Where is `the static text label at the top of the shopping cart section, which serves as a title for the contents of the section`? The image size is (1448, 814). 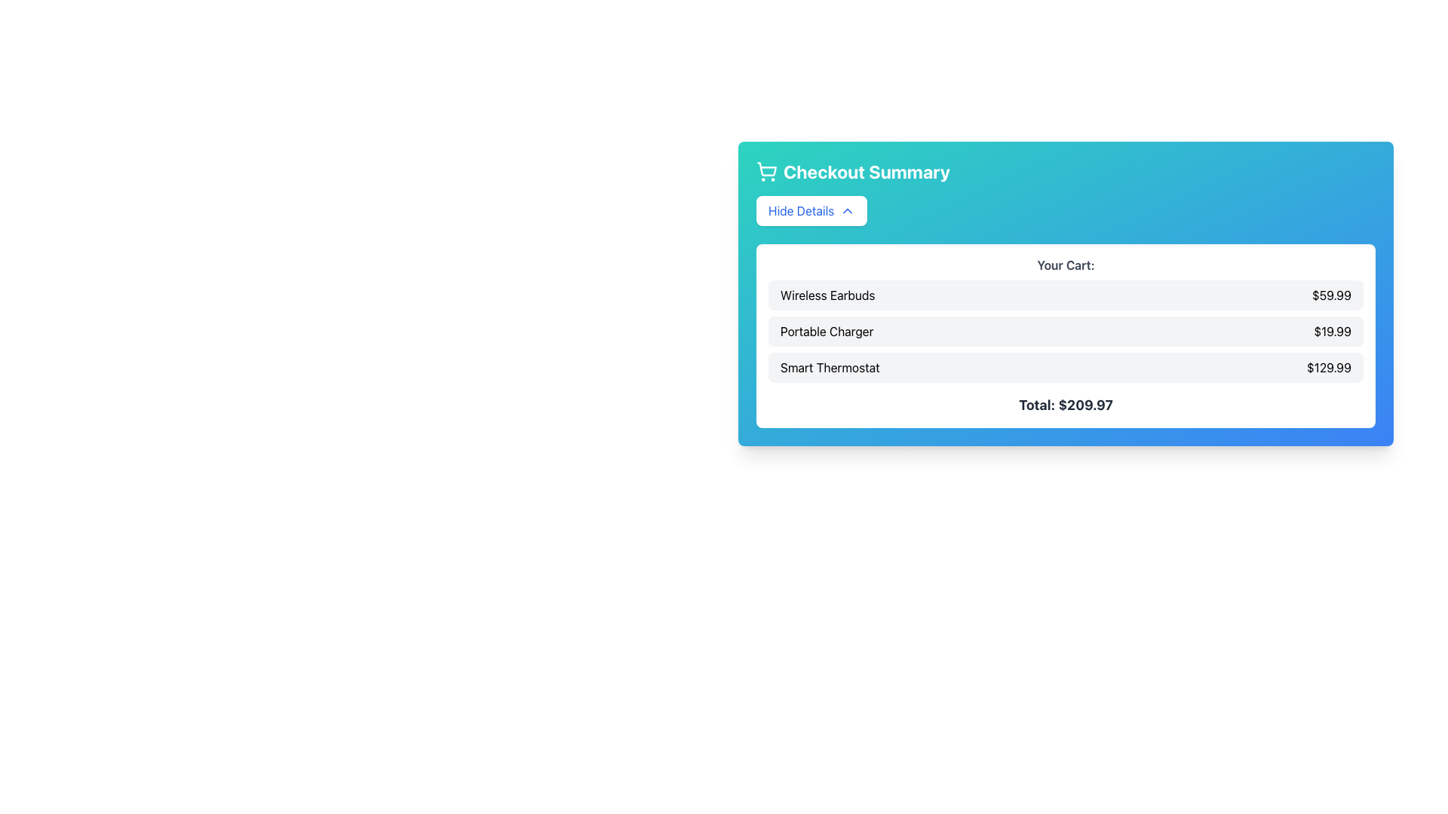 the static text label at the top of the shopping cart section, which serves as a title for the contents of the section is located at coordinates (1065, 264).